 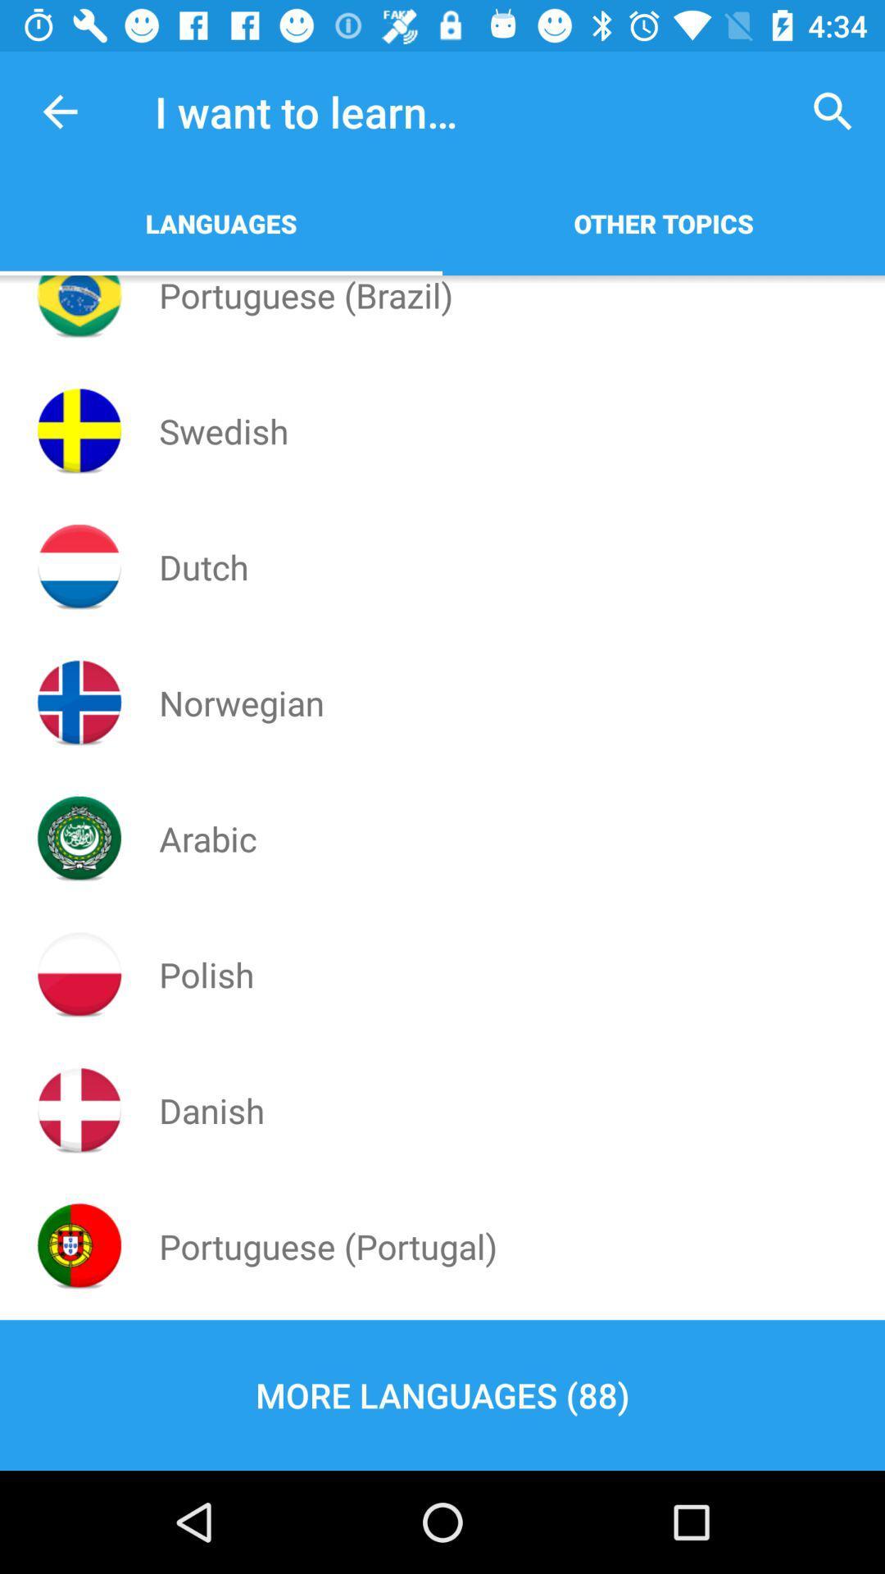 What do you see at coordinates (59, 111) in the screenshot?
I see `the item next to the i want to` at bounding box center [59, 111].